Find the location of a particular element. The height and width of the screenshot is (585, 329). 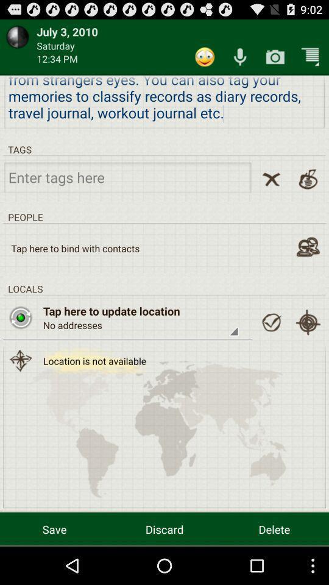

the icon next to the tap here to item is located at coordinates (20, 317).